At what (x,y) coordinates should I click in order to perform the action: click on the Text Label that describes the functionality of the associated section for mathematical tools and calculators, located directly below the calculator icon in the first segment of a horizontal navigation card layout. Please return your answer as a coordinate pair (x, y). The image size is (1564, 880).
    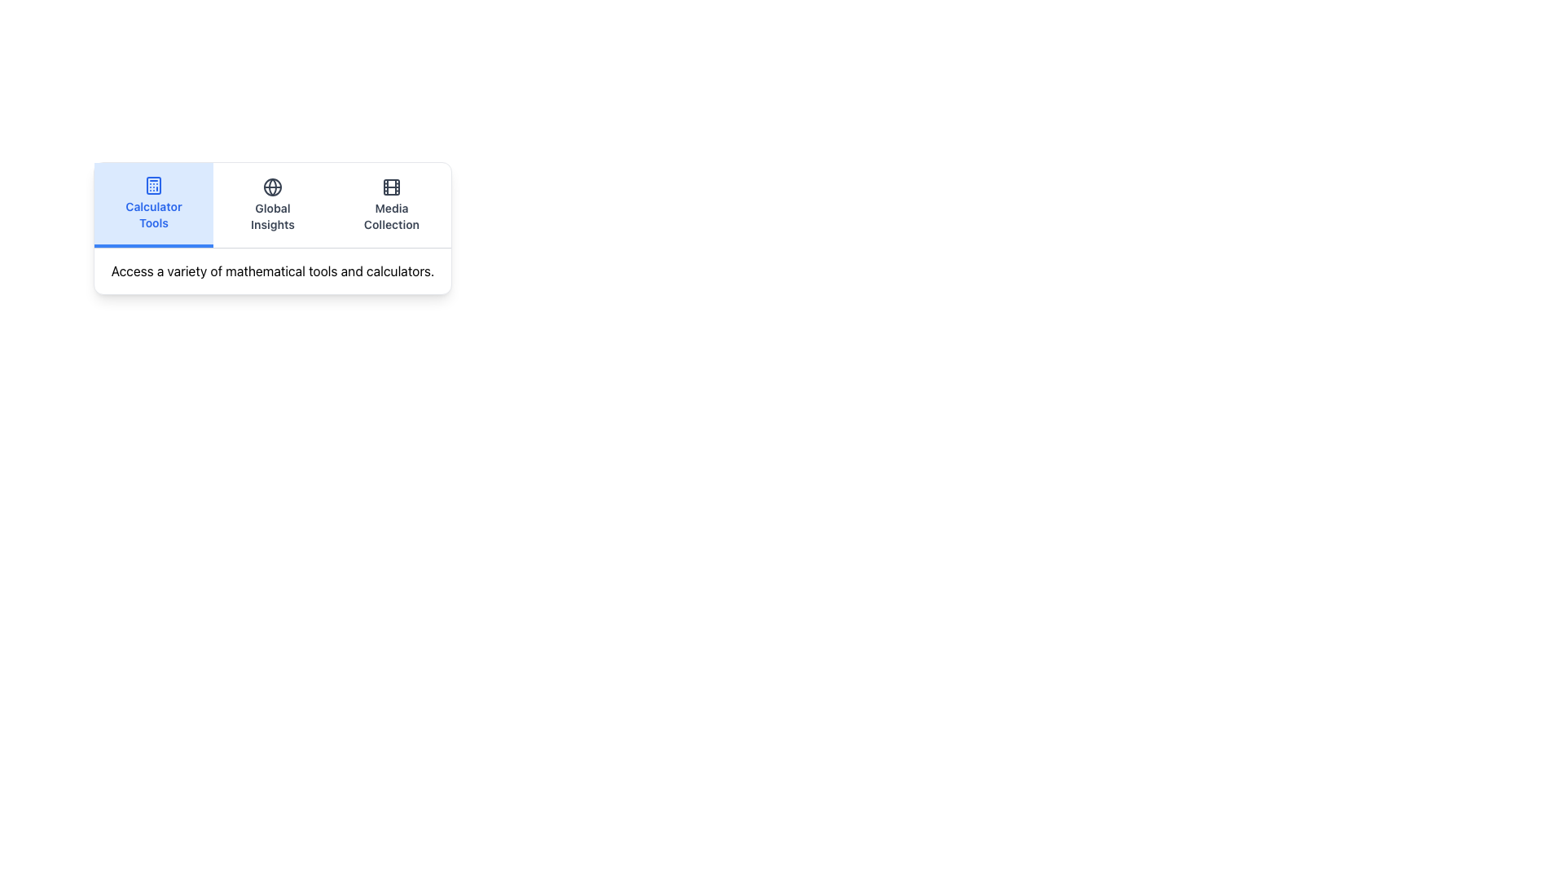
    Looking at the image, I should click on (153, 213).